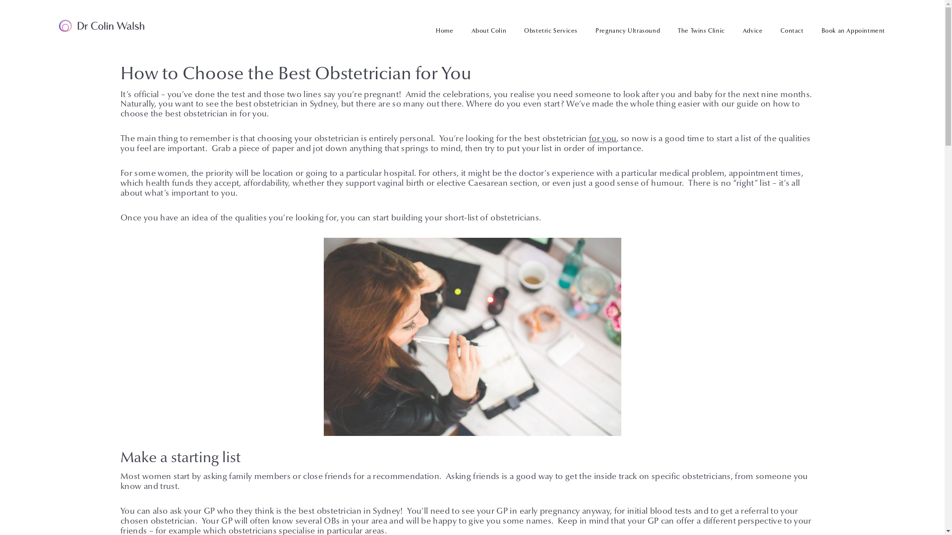  What do you see at coordinates (515, 30) in the screenshot?
I see `'Obstetric Services'` at bounding box center [515, 30].